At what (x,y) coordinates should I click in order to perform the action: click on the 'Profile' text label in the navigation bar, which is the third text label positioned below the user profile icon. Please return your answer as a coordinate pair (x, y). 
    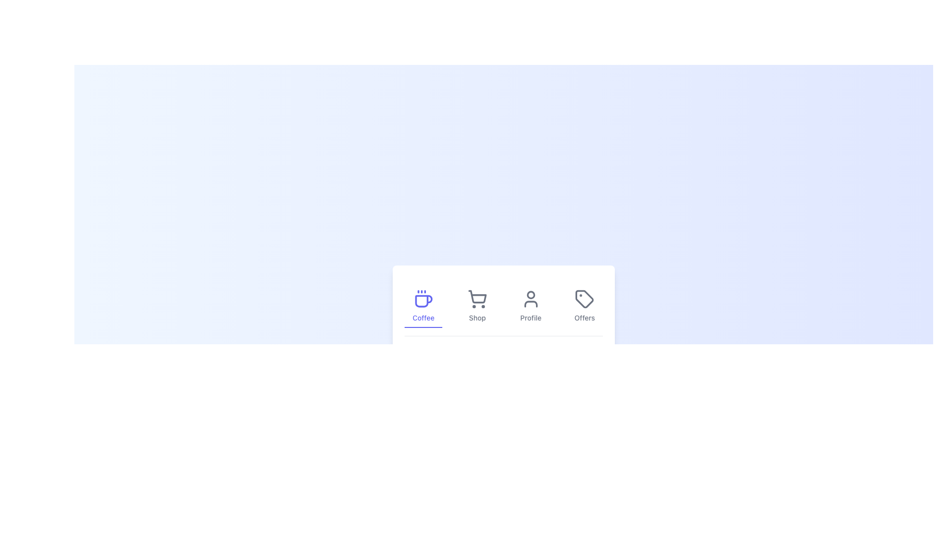
    Looking at the image, I should click on (530, 318).